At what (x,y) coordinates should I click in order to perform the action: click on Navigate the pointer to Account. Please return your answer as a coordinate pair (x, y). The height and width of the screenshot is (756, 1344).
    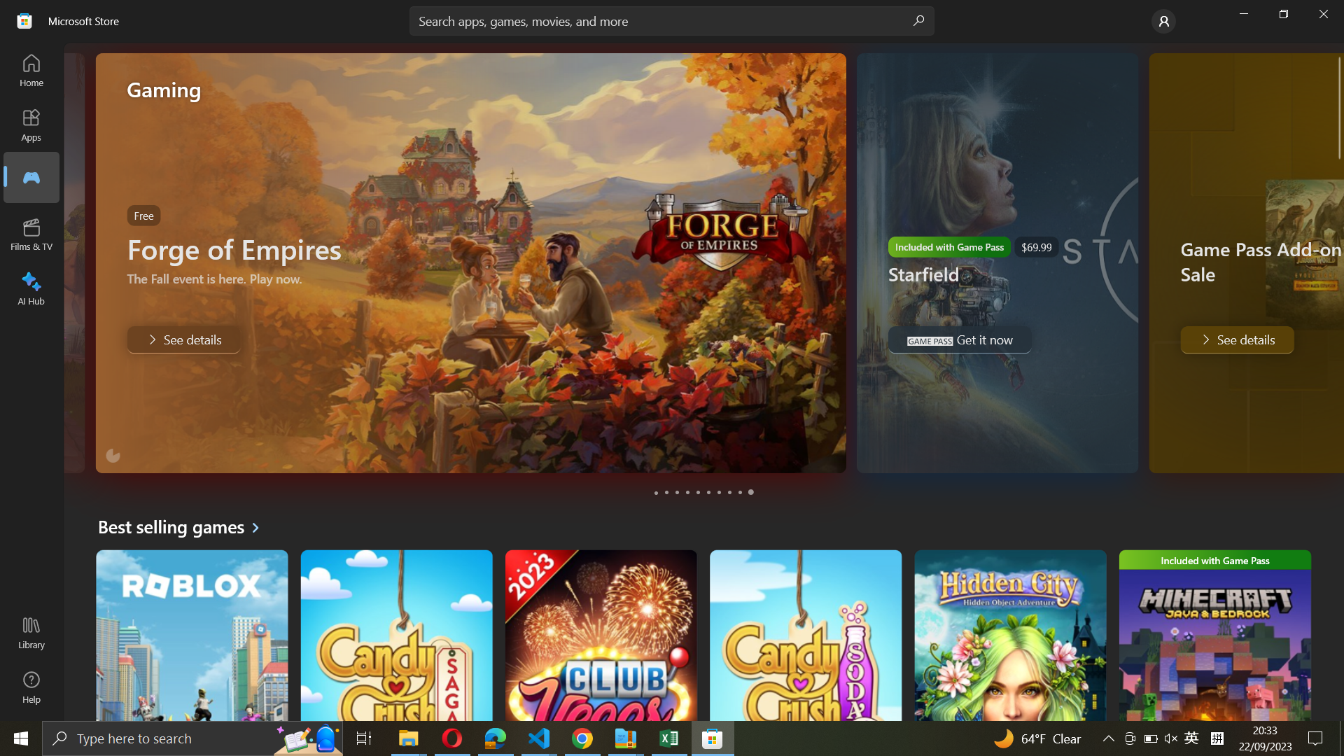
    Looking at the image, I should click on (2232384, 22680).